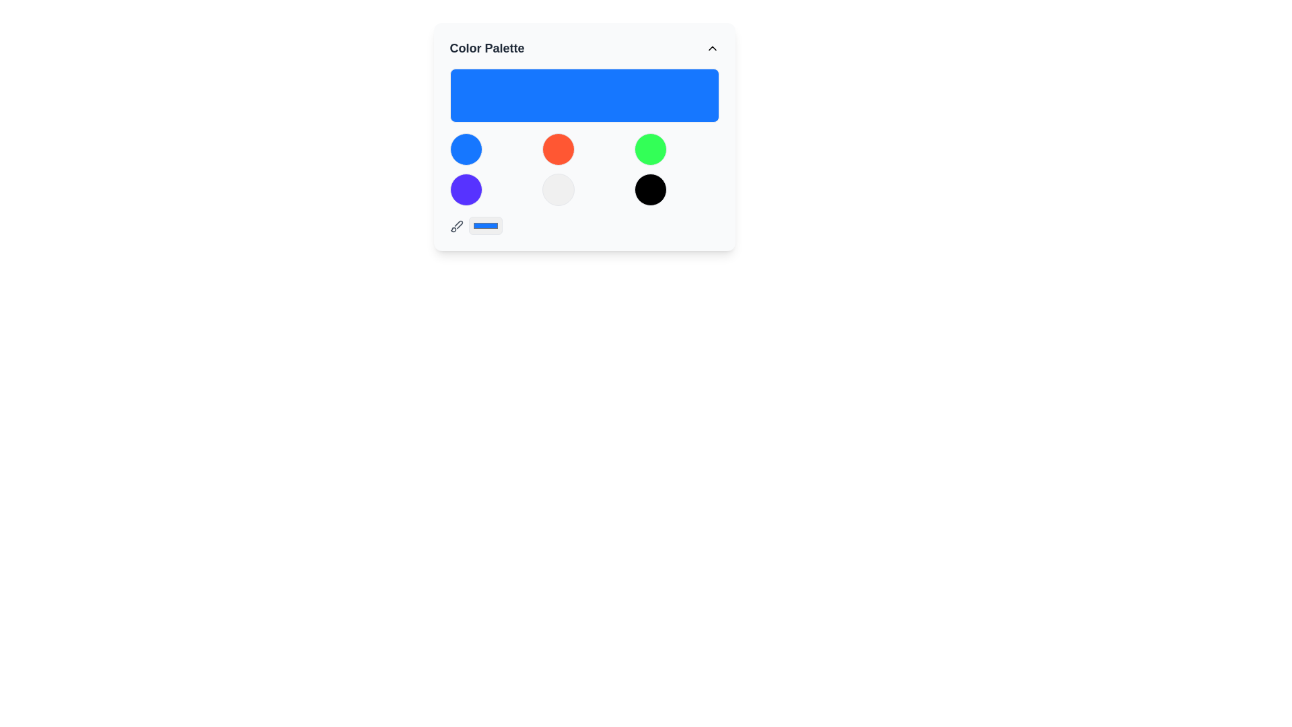 The width and height of the screenshot is (1292, 727). Describe the element at coordinates (711, 48) in the screenshot. I see `the upward arrow button located at the top-right corner of the 'Color Palette' card` at that location.